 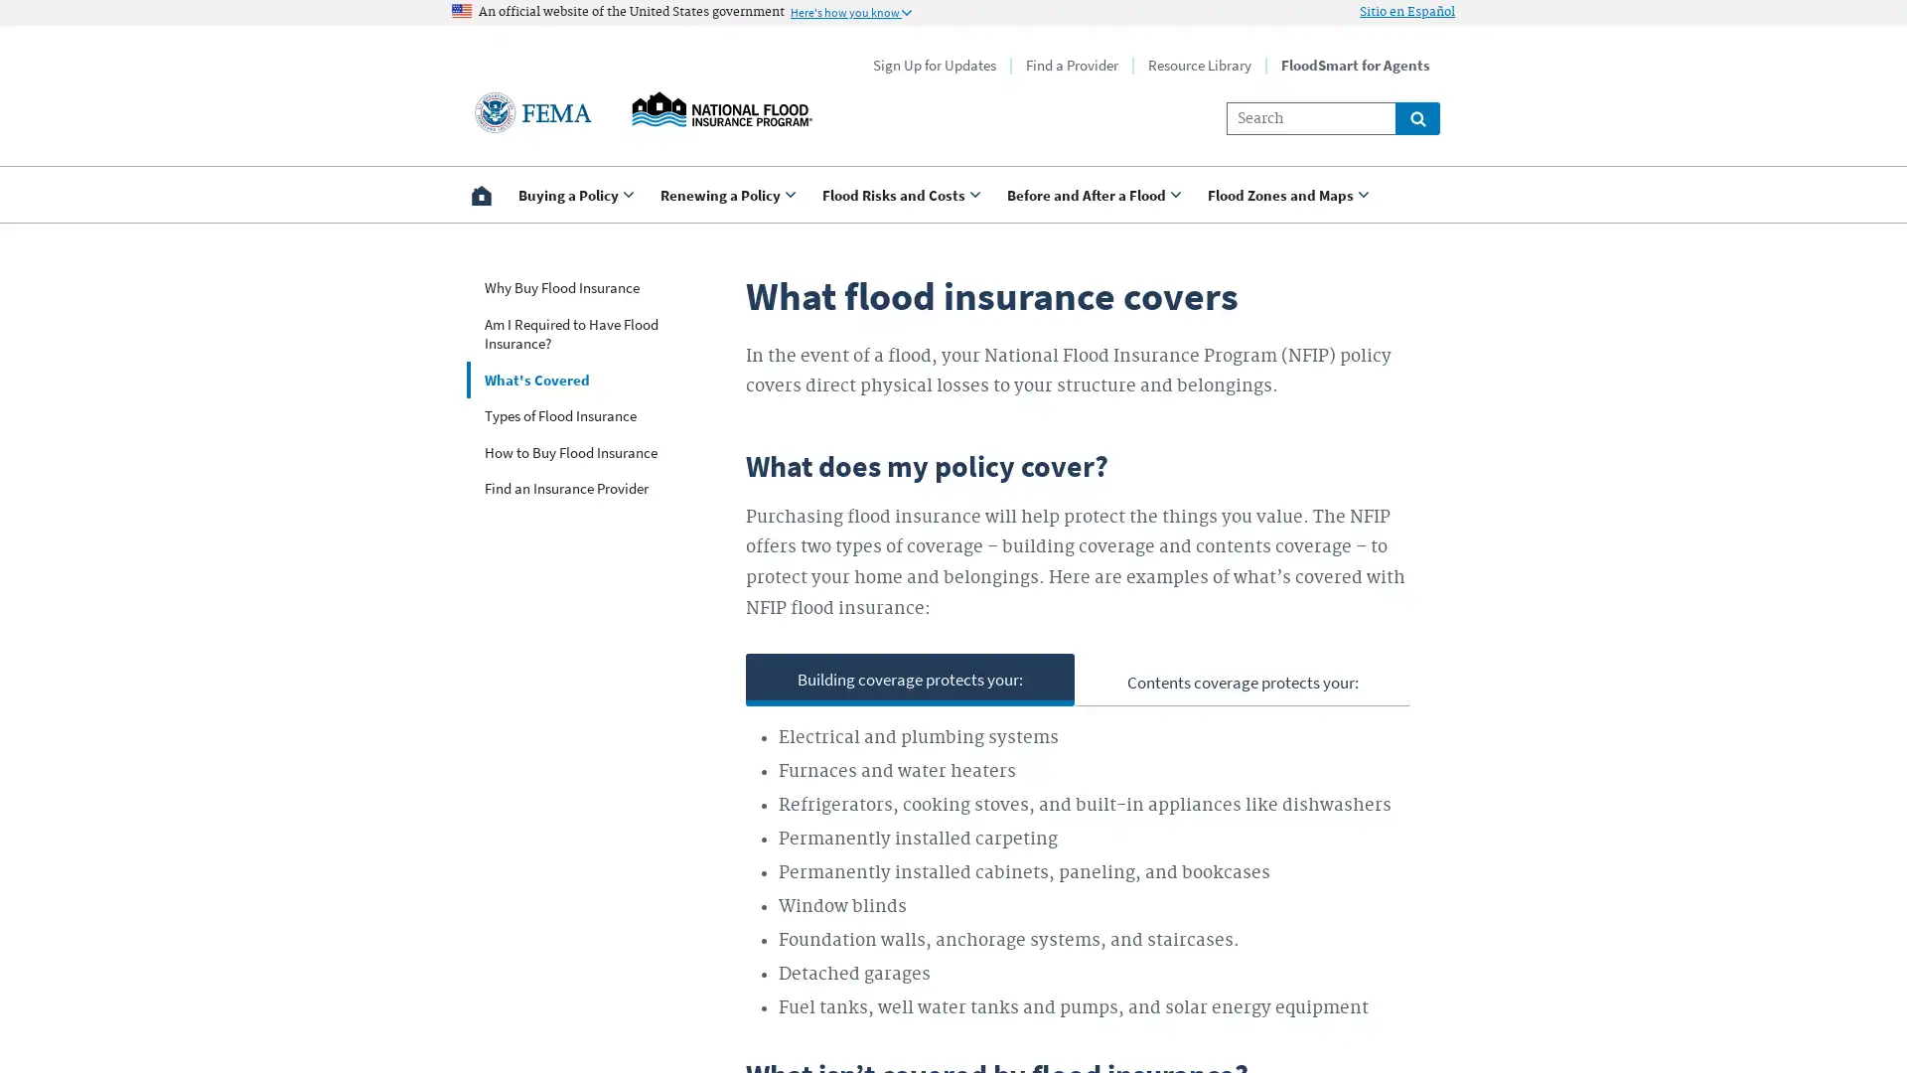 What do you see at coordinates (1416, 118) in the screenshot?
I see `Global search for site links and content throught floodsmart` at bounding box center [1416, 118].